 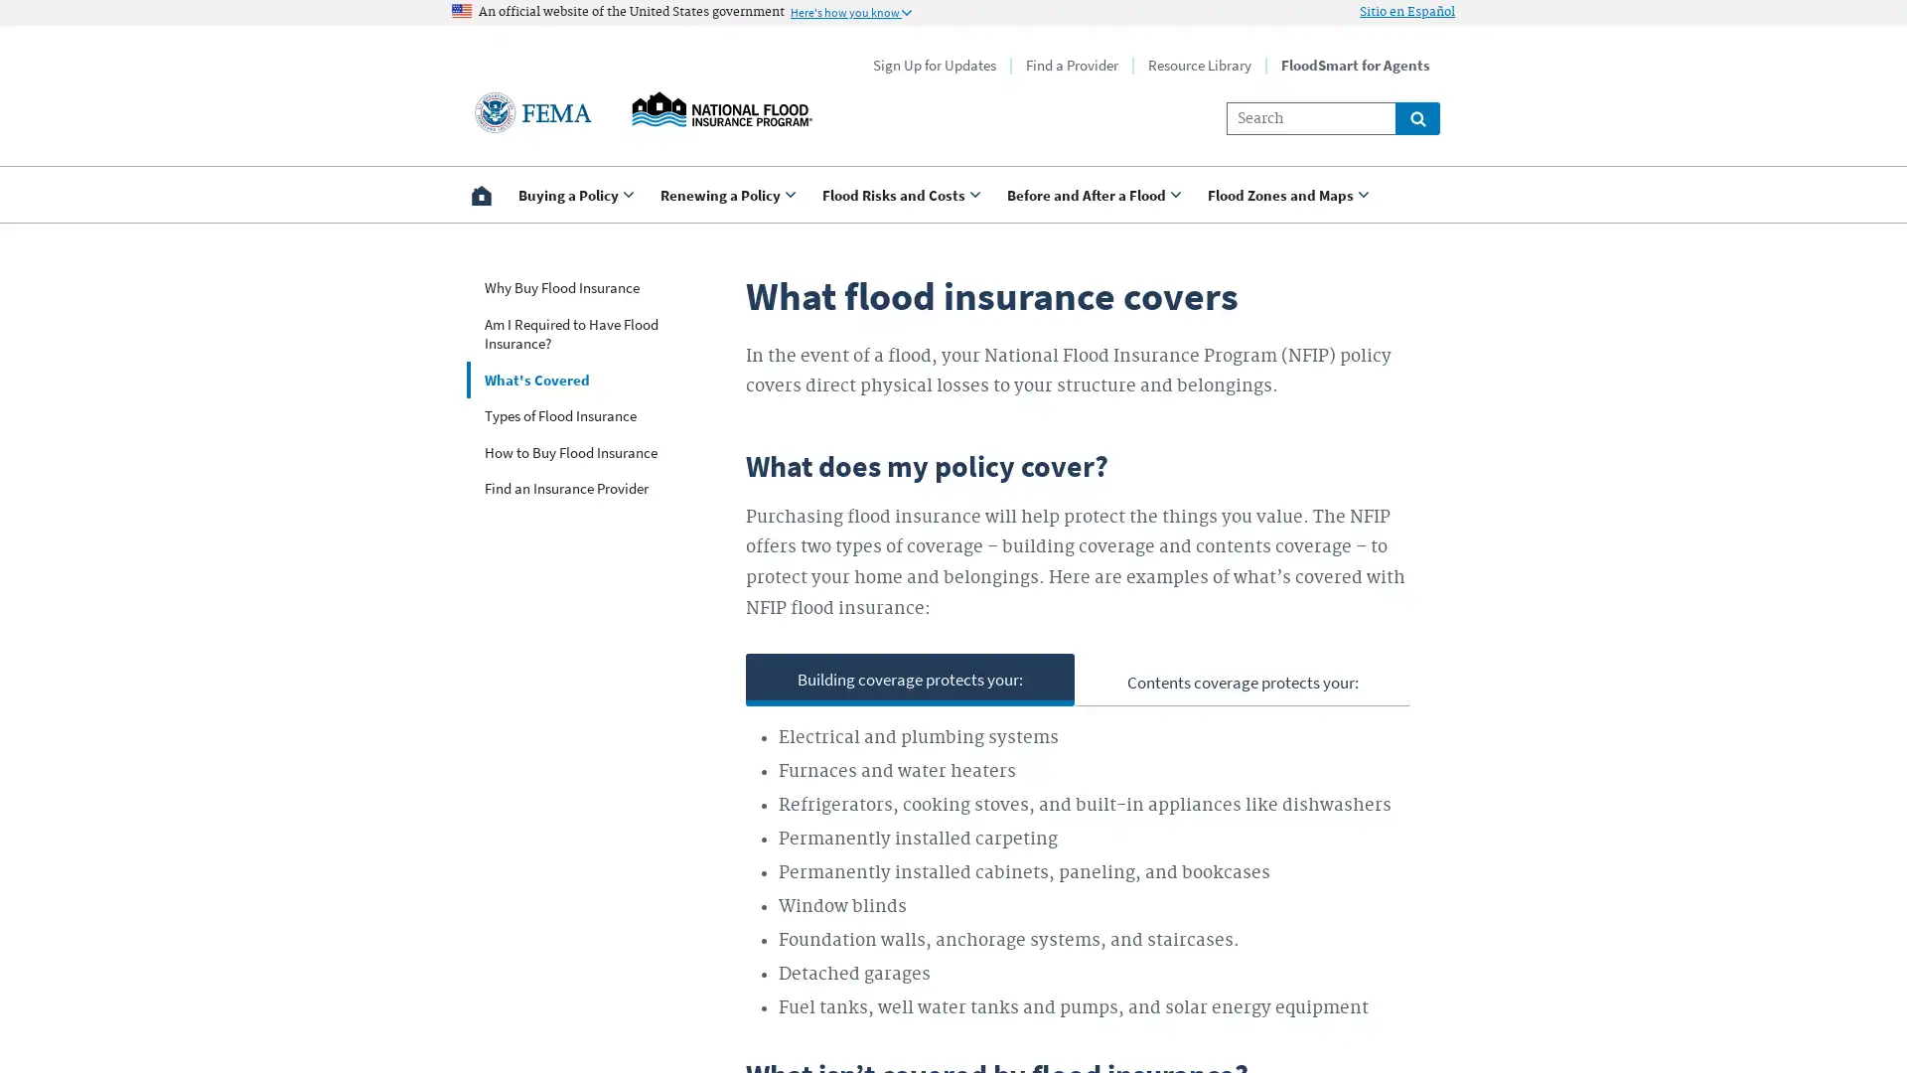 What do you see at coordinates (1416, 118) in the screenshot?
I see `Global search for site links and content throught floodsmart` at bounding box center [1416, 118].